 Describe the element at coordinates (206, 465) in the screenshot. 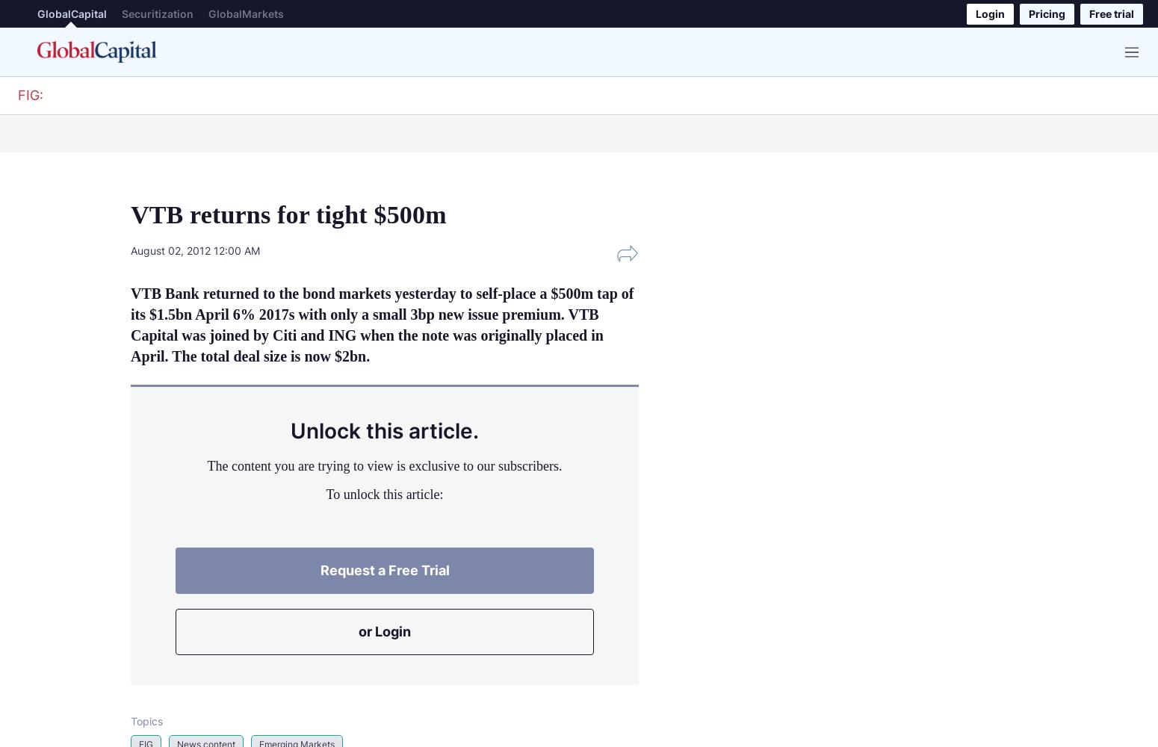

I see `'The content you are trying to view is exclusive to our subscribers.'` at that location.